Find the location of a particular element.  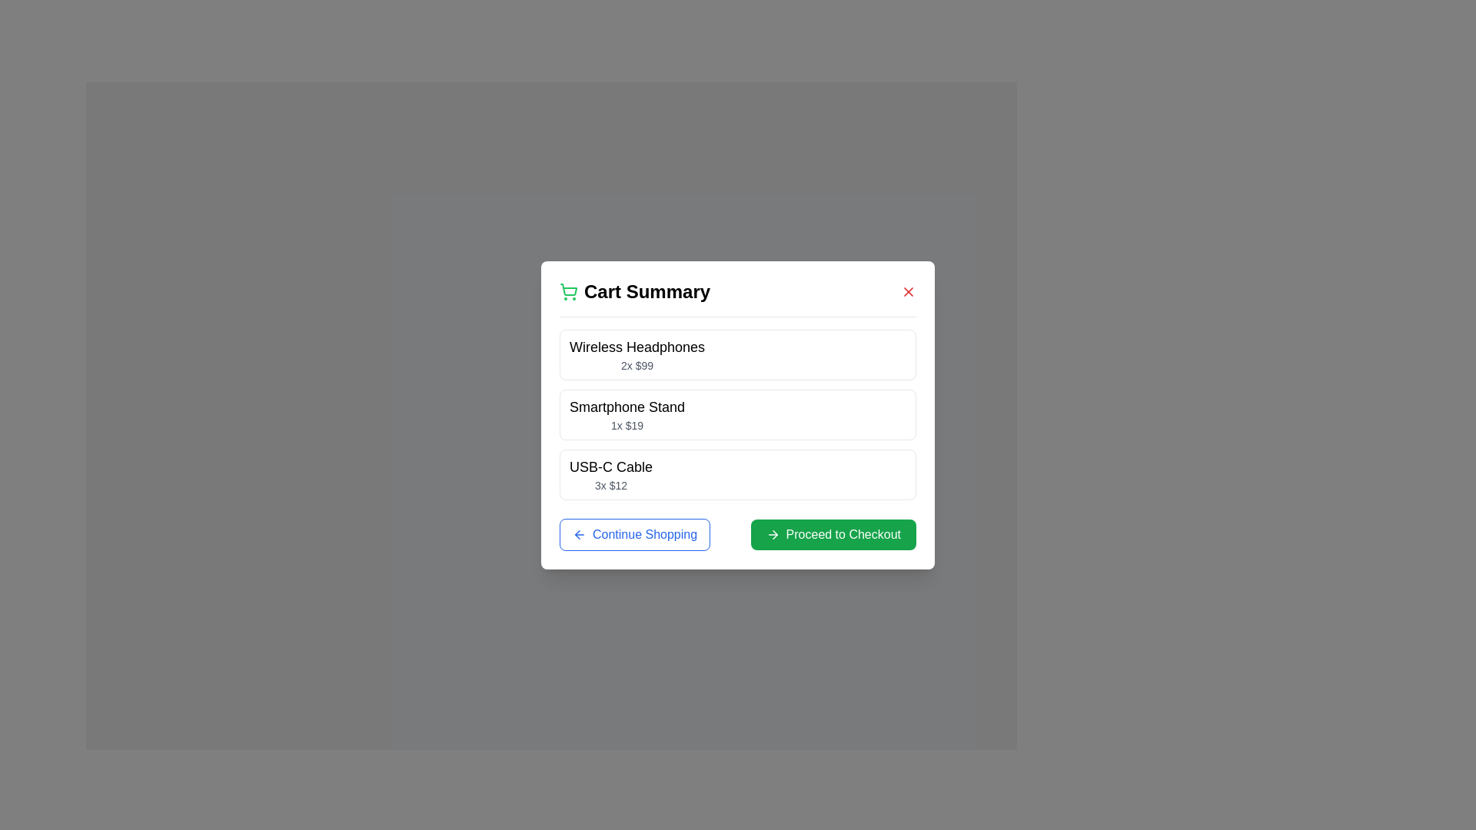

the List component that displays the contents of the shopping cart located in the 'Cart Summary' card is located at coordinates (738, 413).